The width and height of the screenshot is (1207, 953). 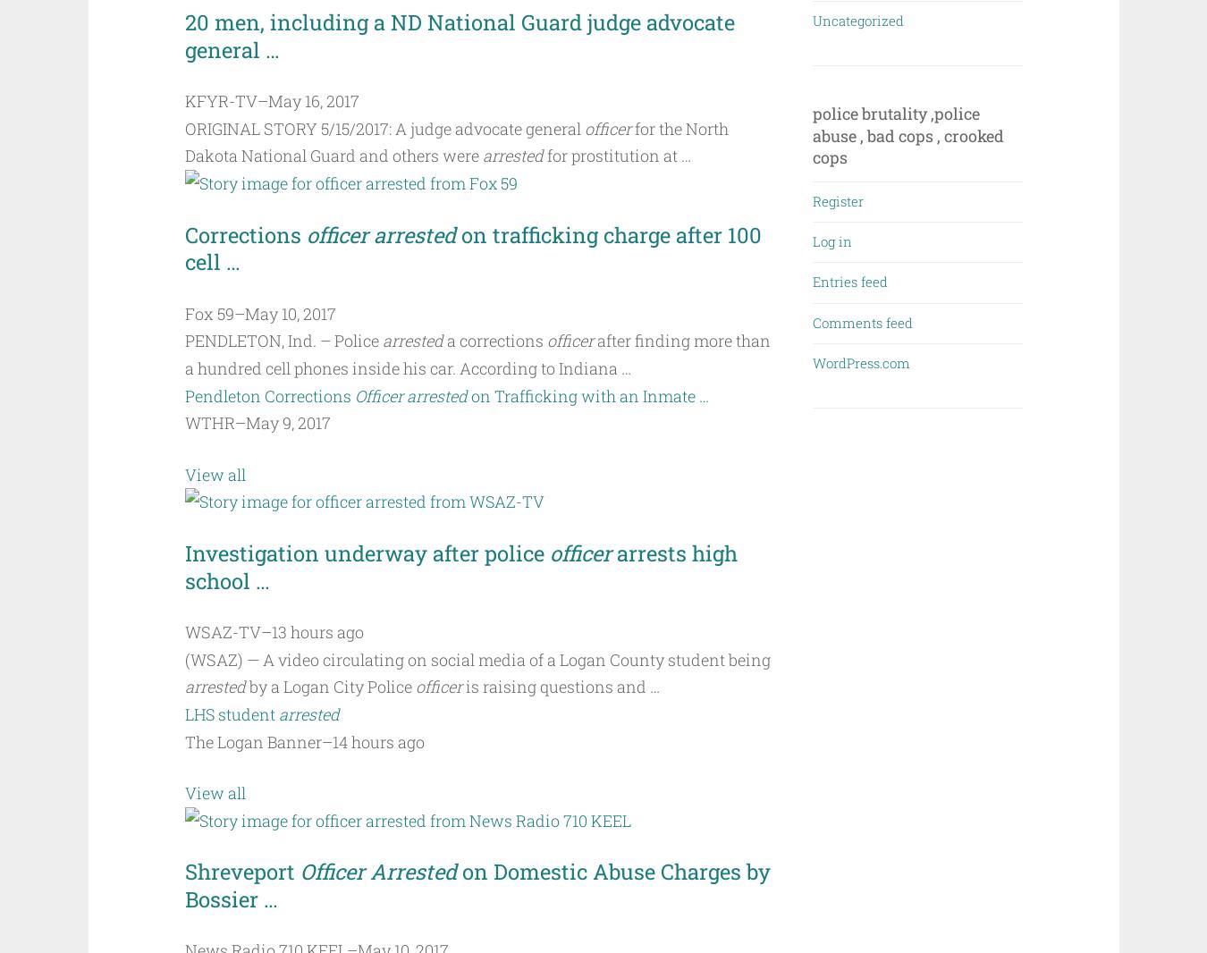 I want to click on '14 hours ago', so click(x=331, y=741).